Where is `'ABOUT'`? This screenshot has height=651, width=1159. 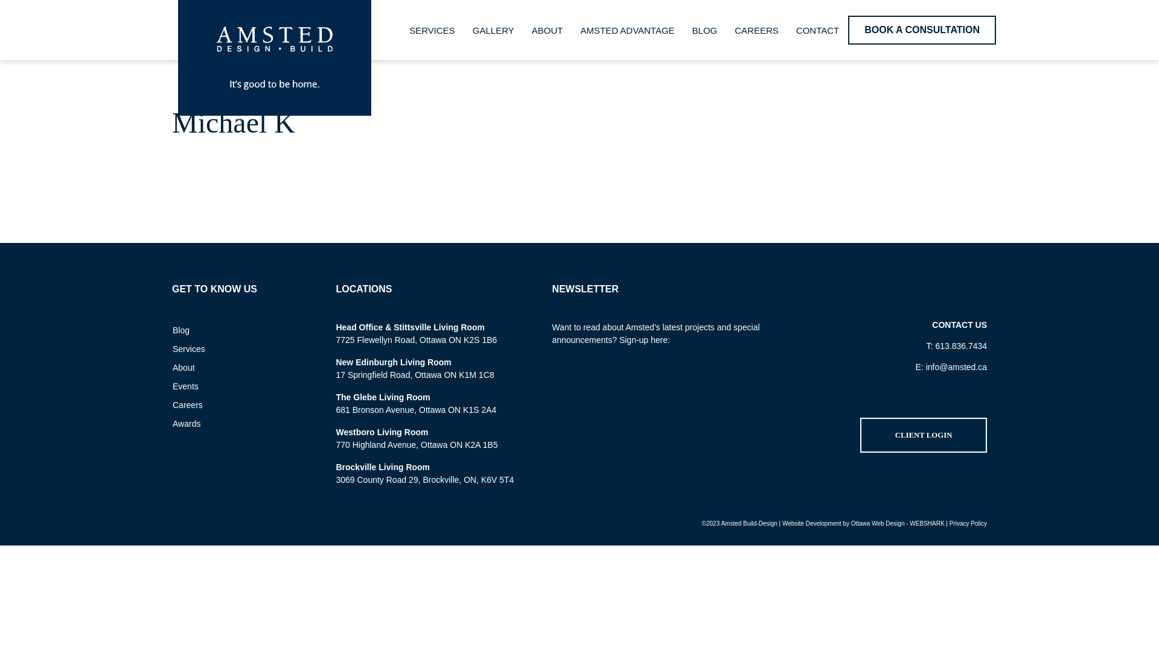
'ABOUT' is located at coordinates (547, 29).